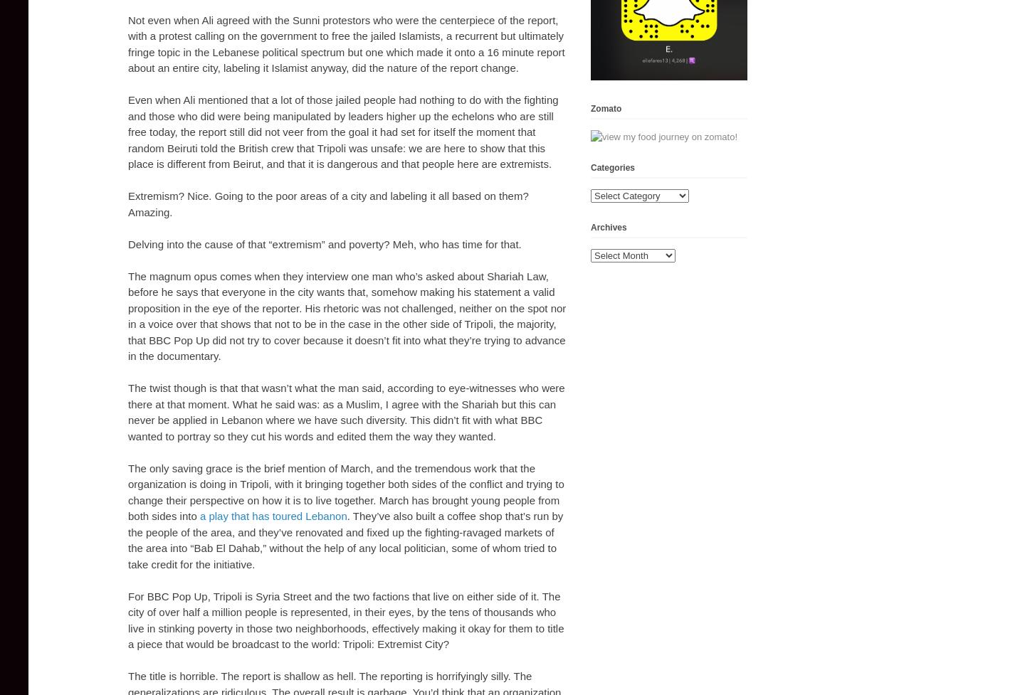 The image size is (1025, 695). Describe the element at coordinates (605, 108) in the screenshot. I see `'Zomato'` at that location.